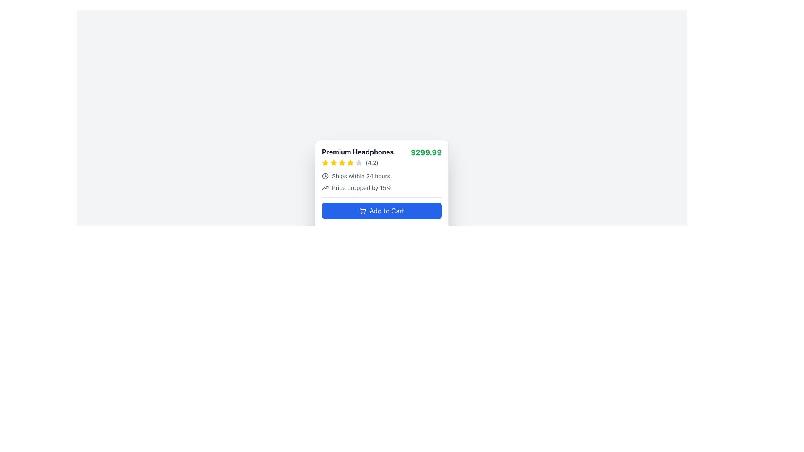  I want to click on the second star in the five-star rating system to interact with the rating, so click(342, 162).